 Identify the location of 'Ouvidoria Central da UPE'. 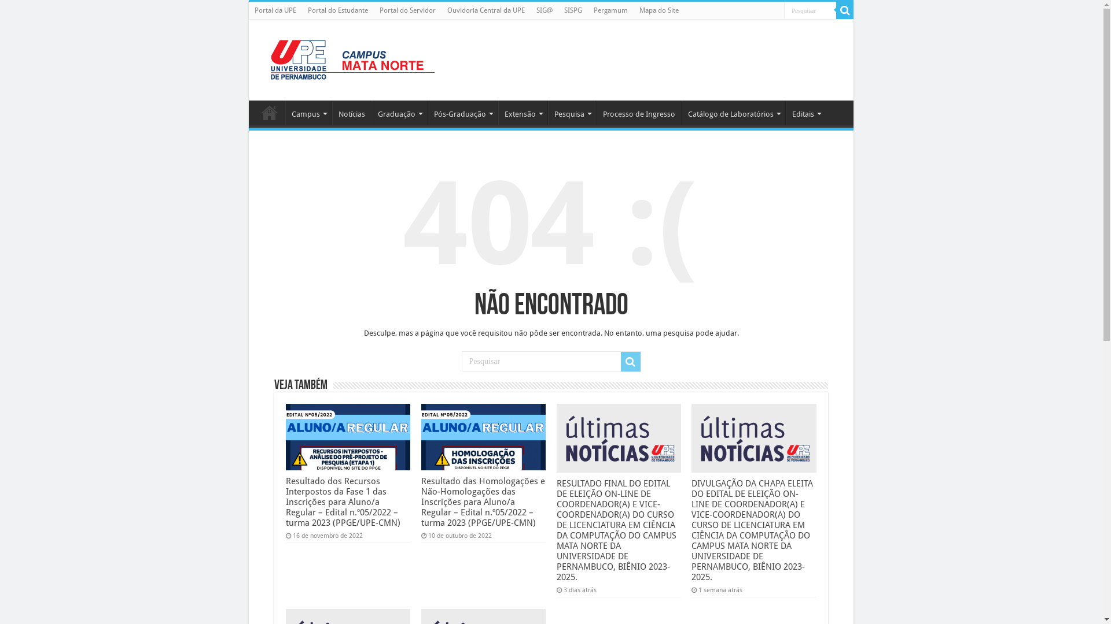
(441, 10).